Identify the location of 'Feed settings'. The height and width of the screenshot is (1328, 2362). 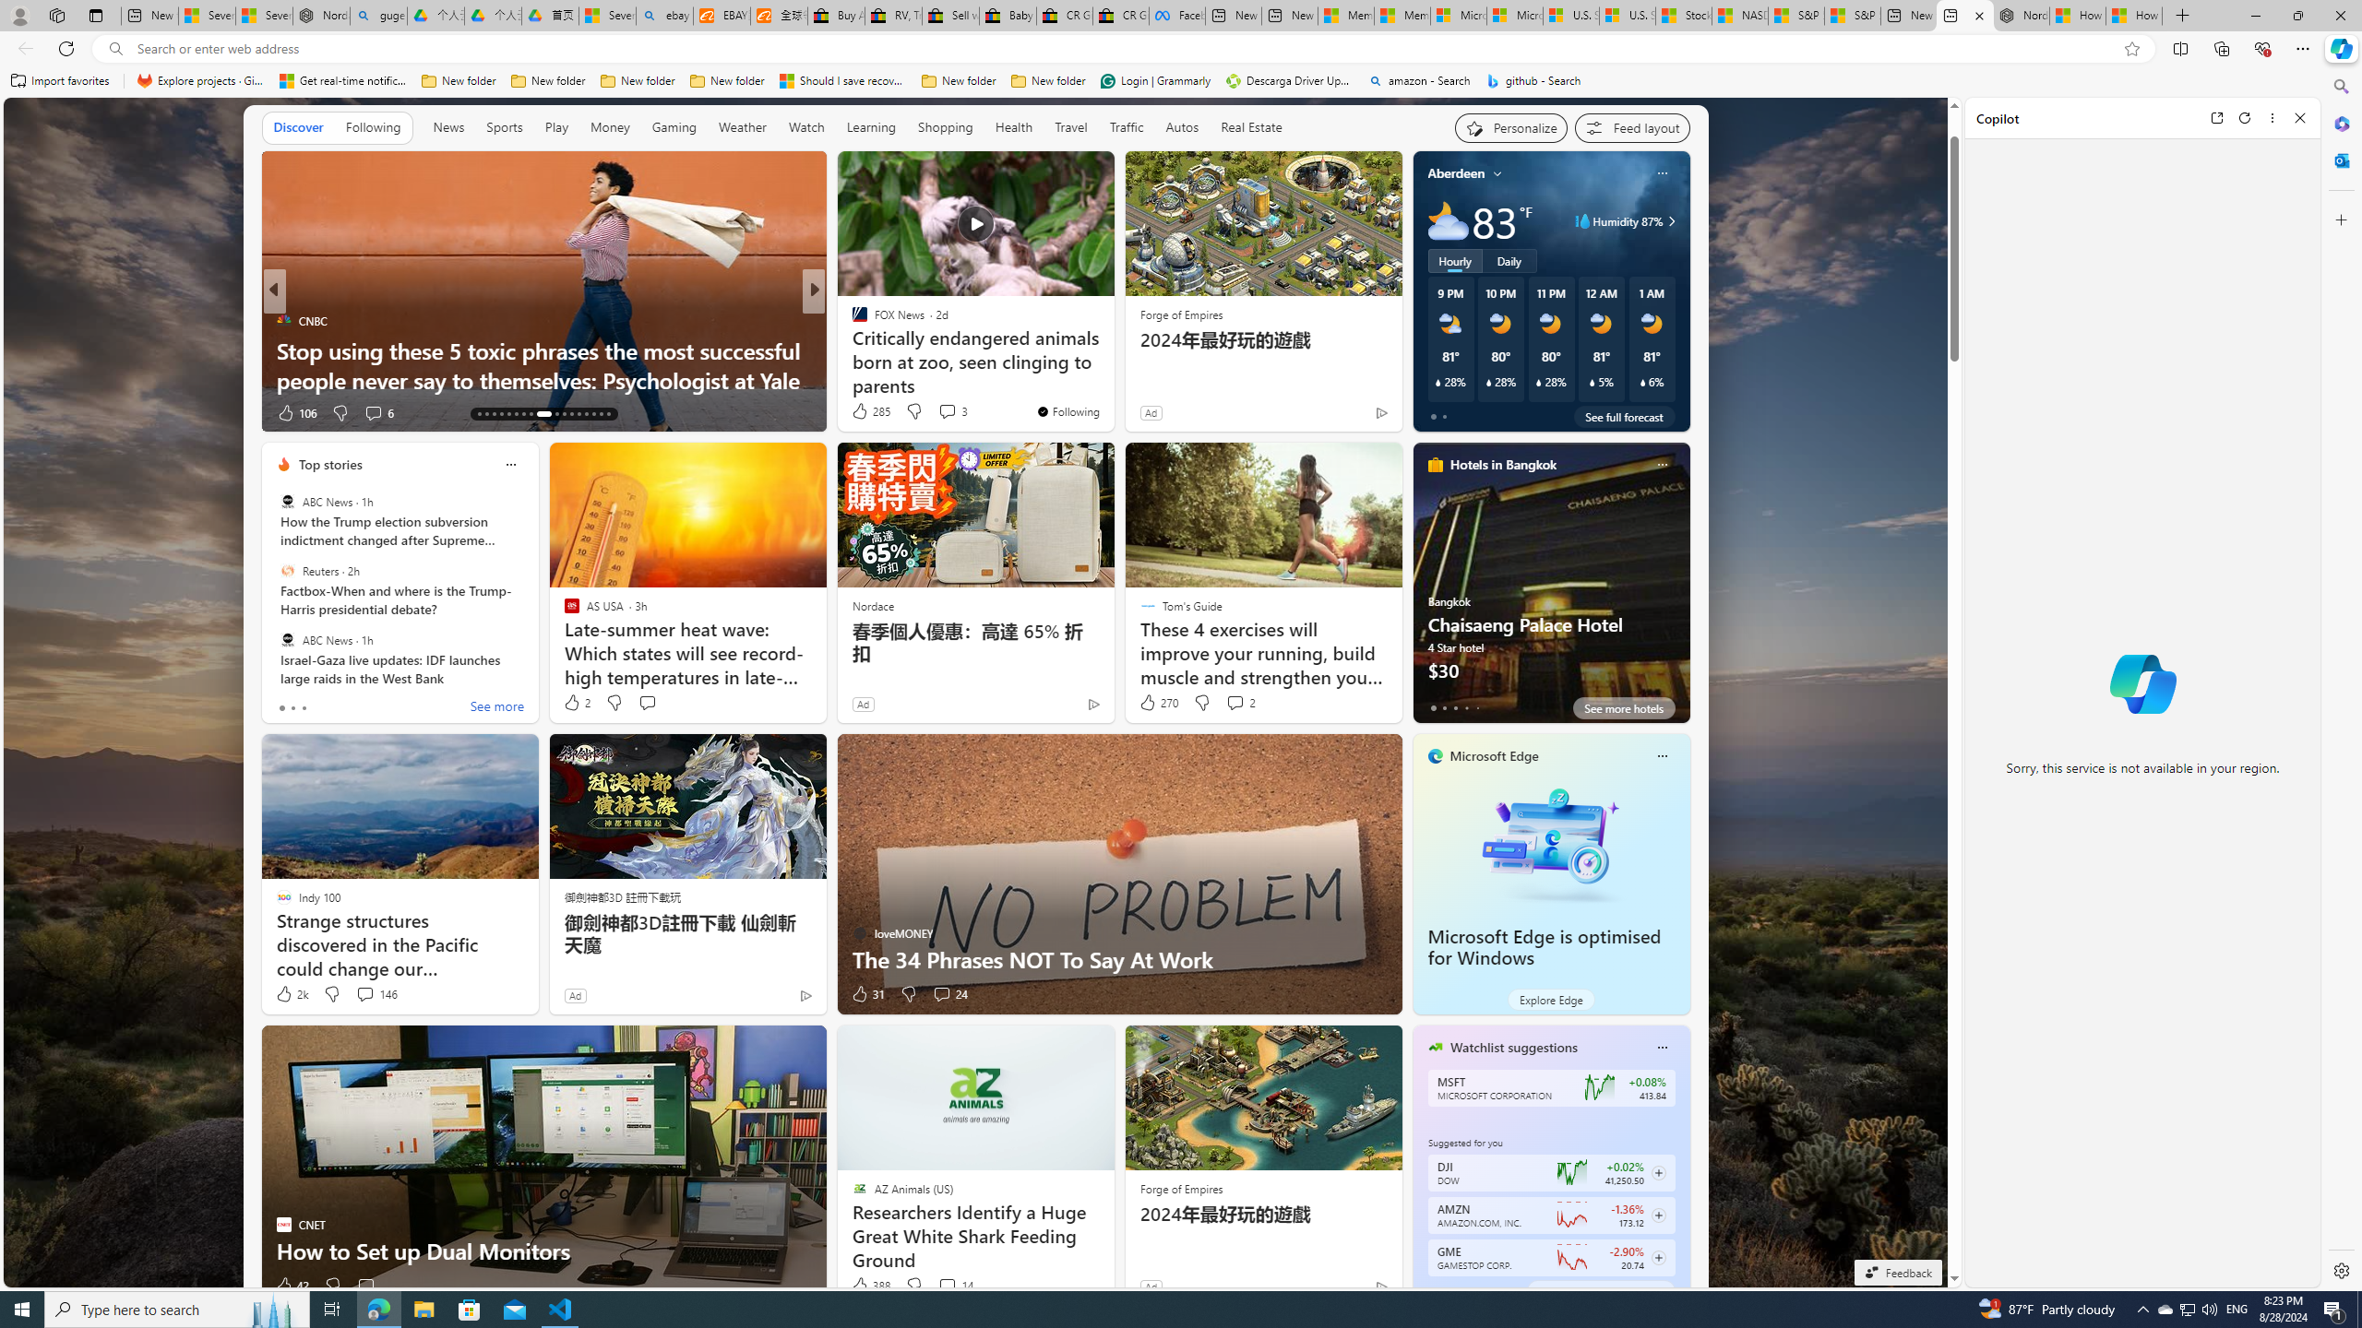
(1631, 126).